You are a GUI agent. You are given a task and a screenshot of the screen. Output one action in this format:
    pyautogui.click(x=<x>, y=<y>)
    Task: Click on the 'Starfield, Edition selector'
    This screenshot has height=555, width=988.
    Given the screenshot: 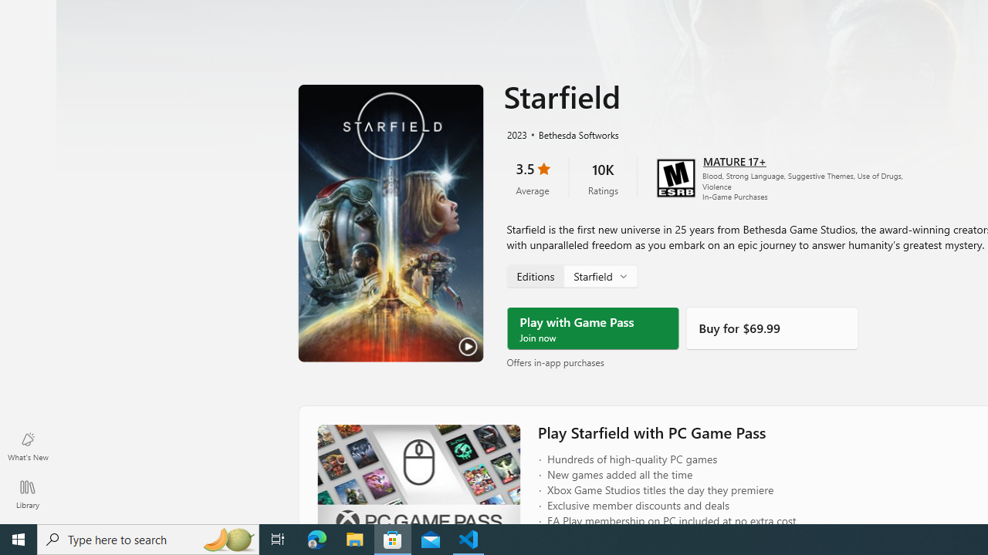 What is the action you would take?
    pyautogui.click(x=570, y=274)
    